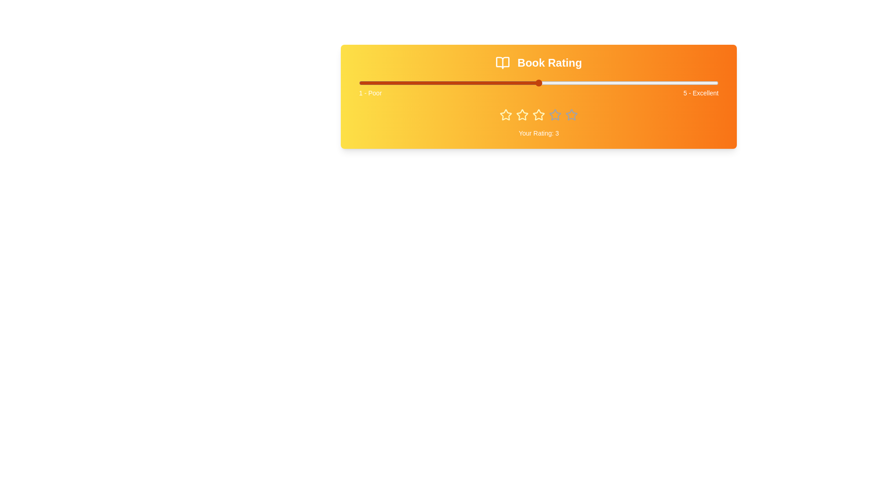 Image resolution: width=876 pixels, height=493 pixels. What do you see at coordinates (538, 83) in the screenshot?
I see `the book rating` at bounding box center [538, 83].